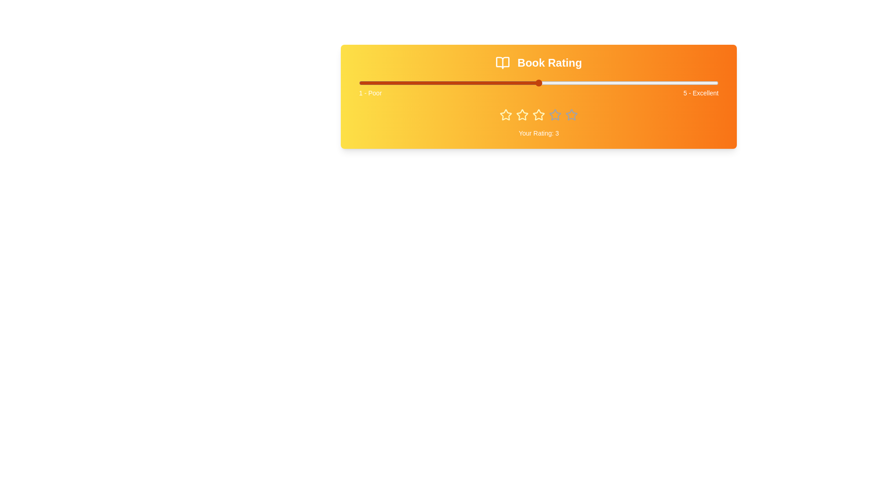 Image resolution: width=876 pixels, height=493 pixels. What do you see at coordinates (538, 83) in the screenshot?
I see `the book rating` at bounding box center [538, 83].